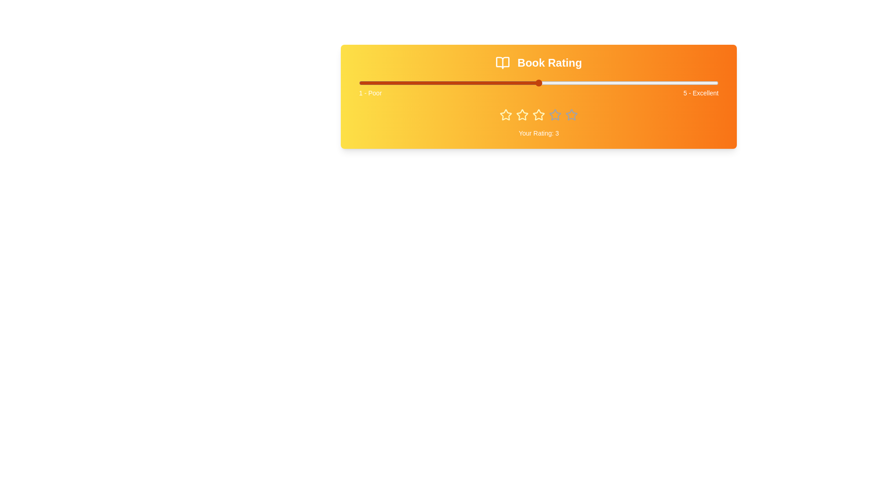 Image resolution: width=876 pixels, height=493 pixels. What do you see at coordinates (538, 83) in the screenshot?
I see `the book rating` at bounding box center [538, 83].